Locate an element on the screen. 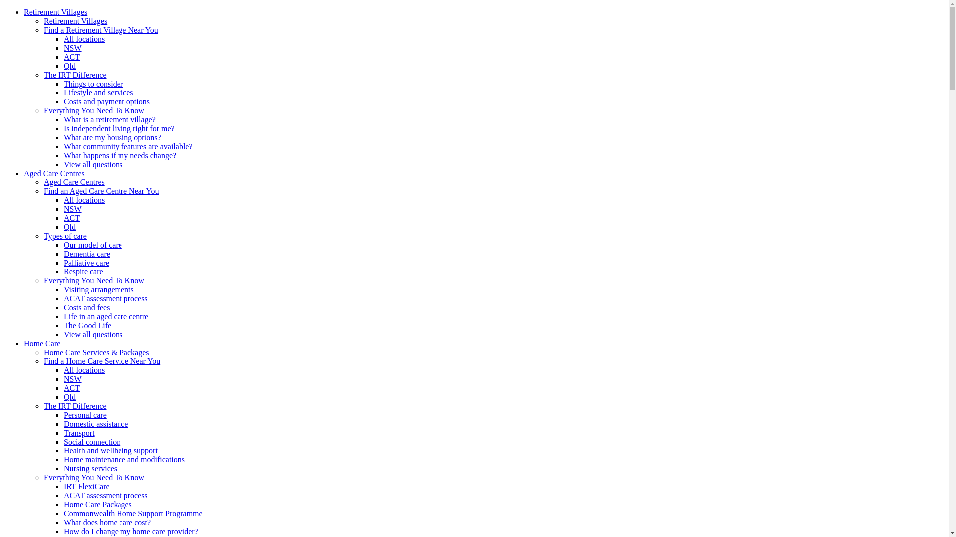 The image size is (956, 537). 'Transport' is located at coordinates (63, 432).